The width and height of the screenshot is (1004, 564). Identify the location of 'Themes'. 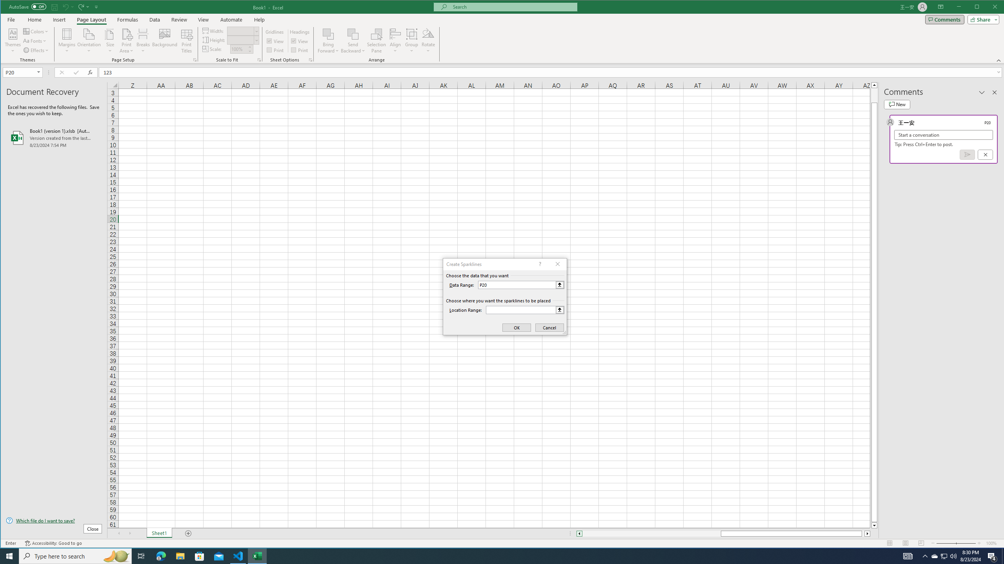
(13, 40).